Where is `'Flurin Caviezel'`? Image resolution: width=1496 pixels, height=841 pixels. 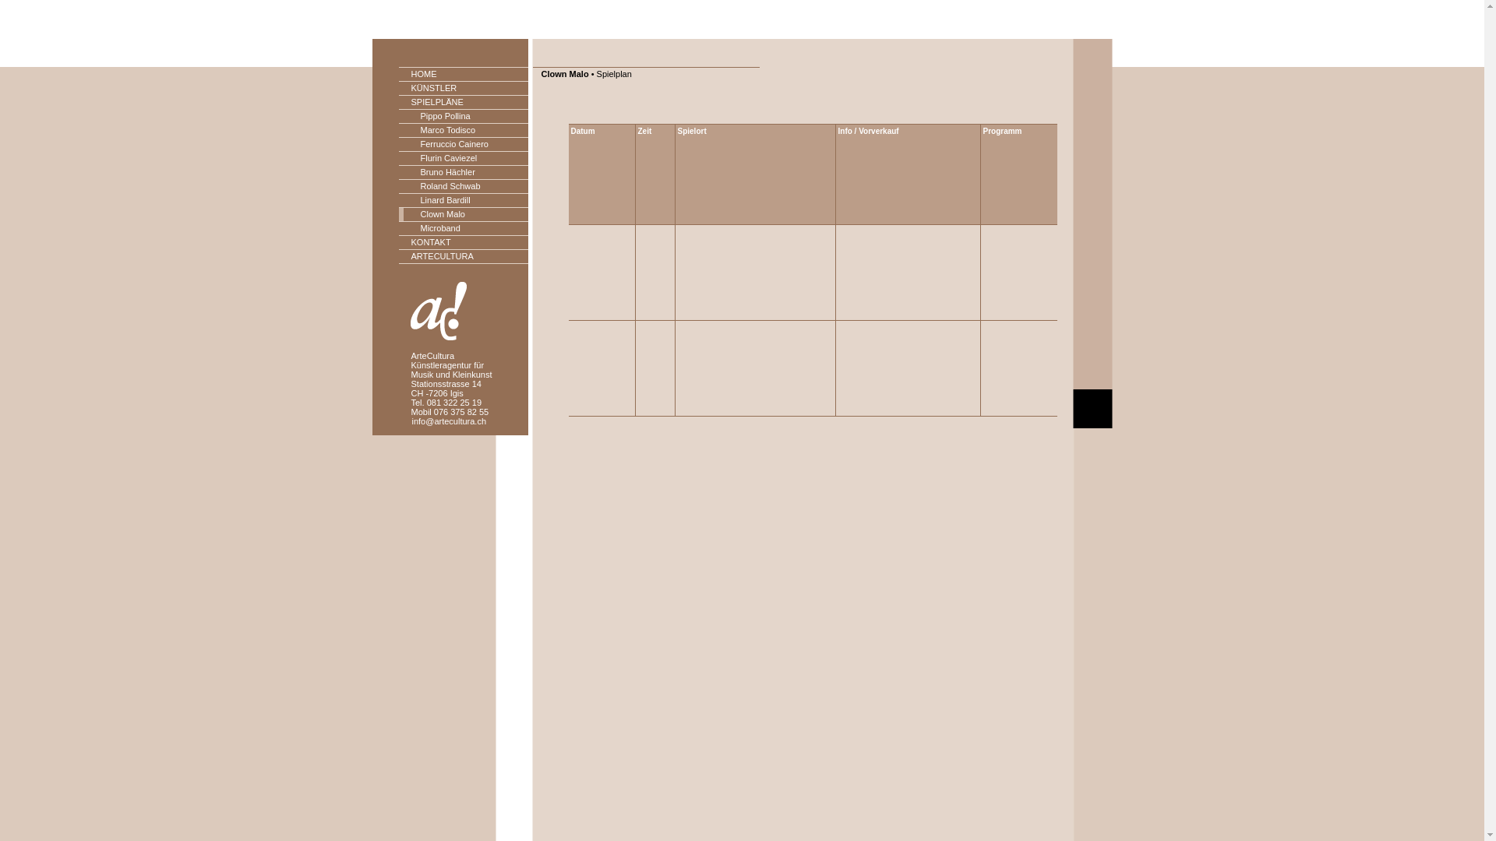
'Flurin Caviezel' is located at coordinates (463, 159).